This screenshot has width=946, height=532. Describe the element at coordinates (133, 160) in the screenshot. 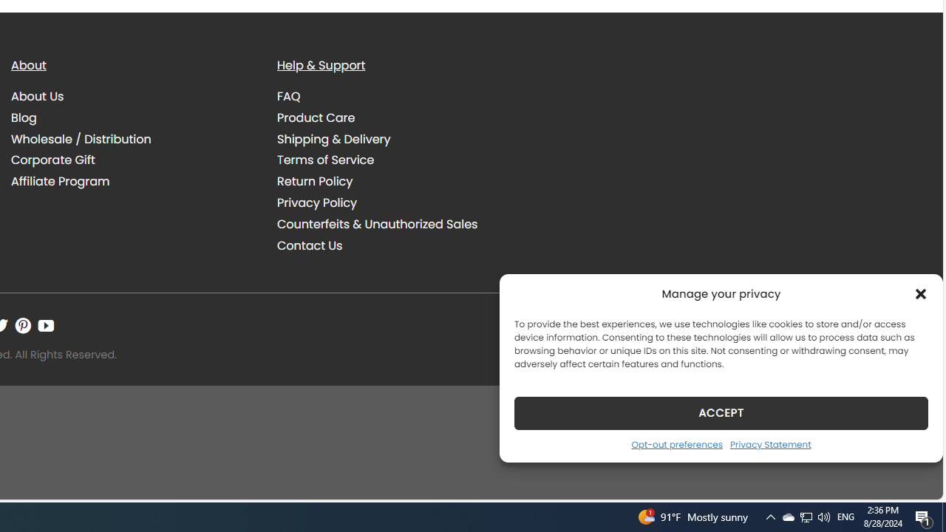

I see `'Corporate Gift'` at that location.